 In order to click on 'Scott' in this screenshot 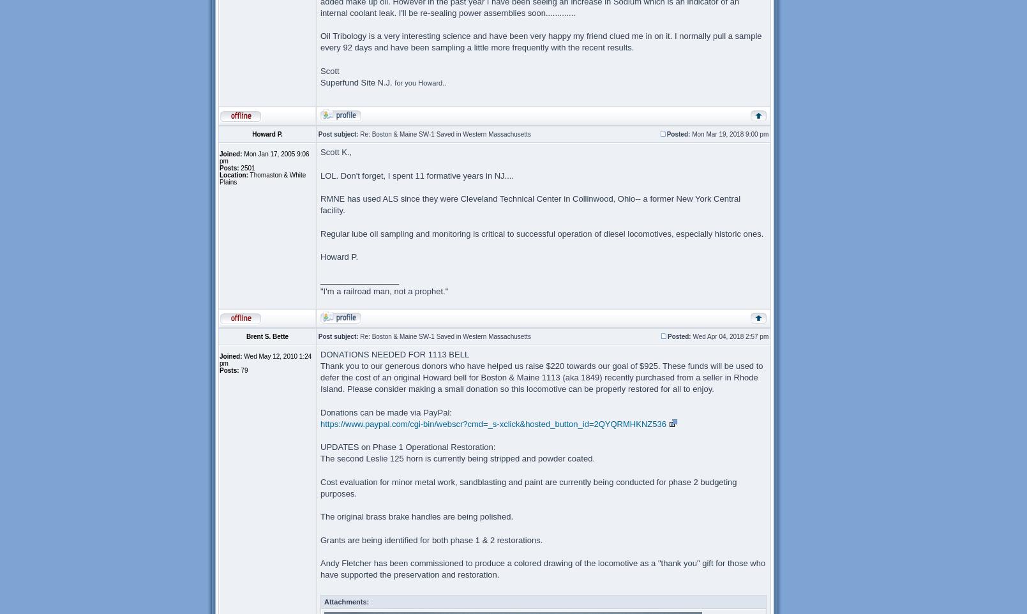, I will do `click(329, 70)`.